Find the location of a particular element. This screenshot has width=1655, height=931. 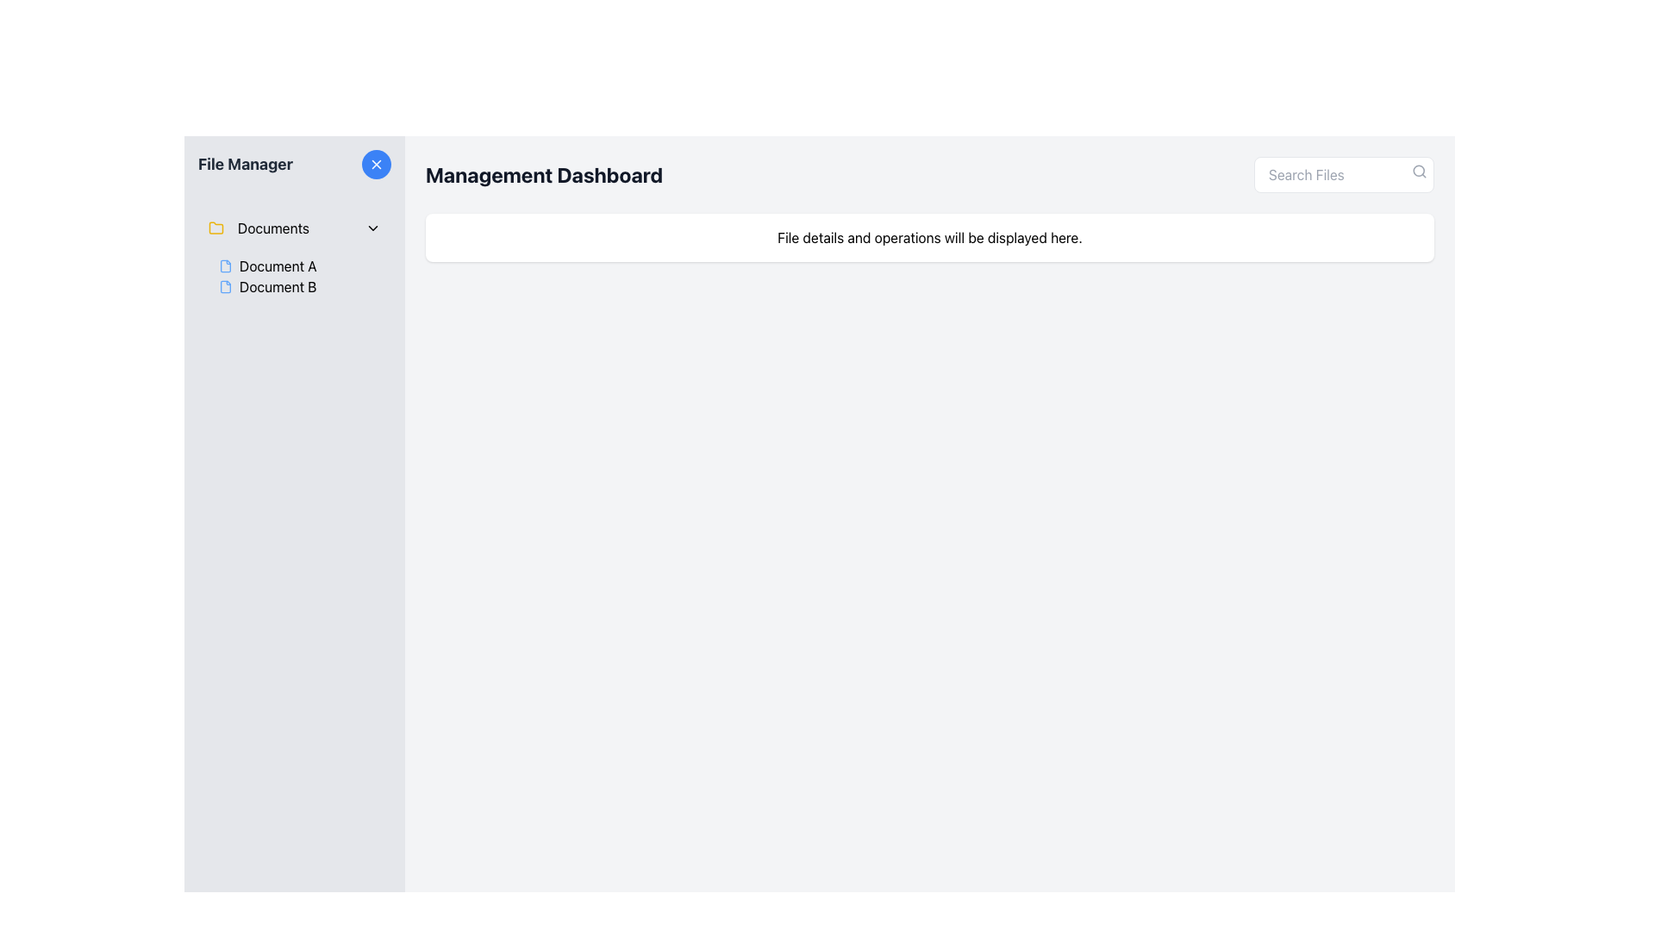

the 'Documents' text label located in the left sidebar titled 'File Manager', which is aligned horizontally with an icon on the left and an arrow on the right is located at coordinates (272, 228).